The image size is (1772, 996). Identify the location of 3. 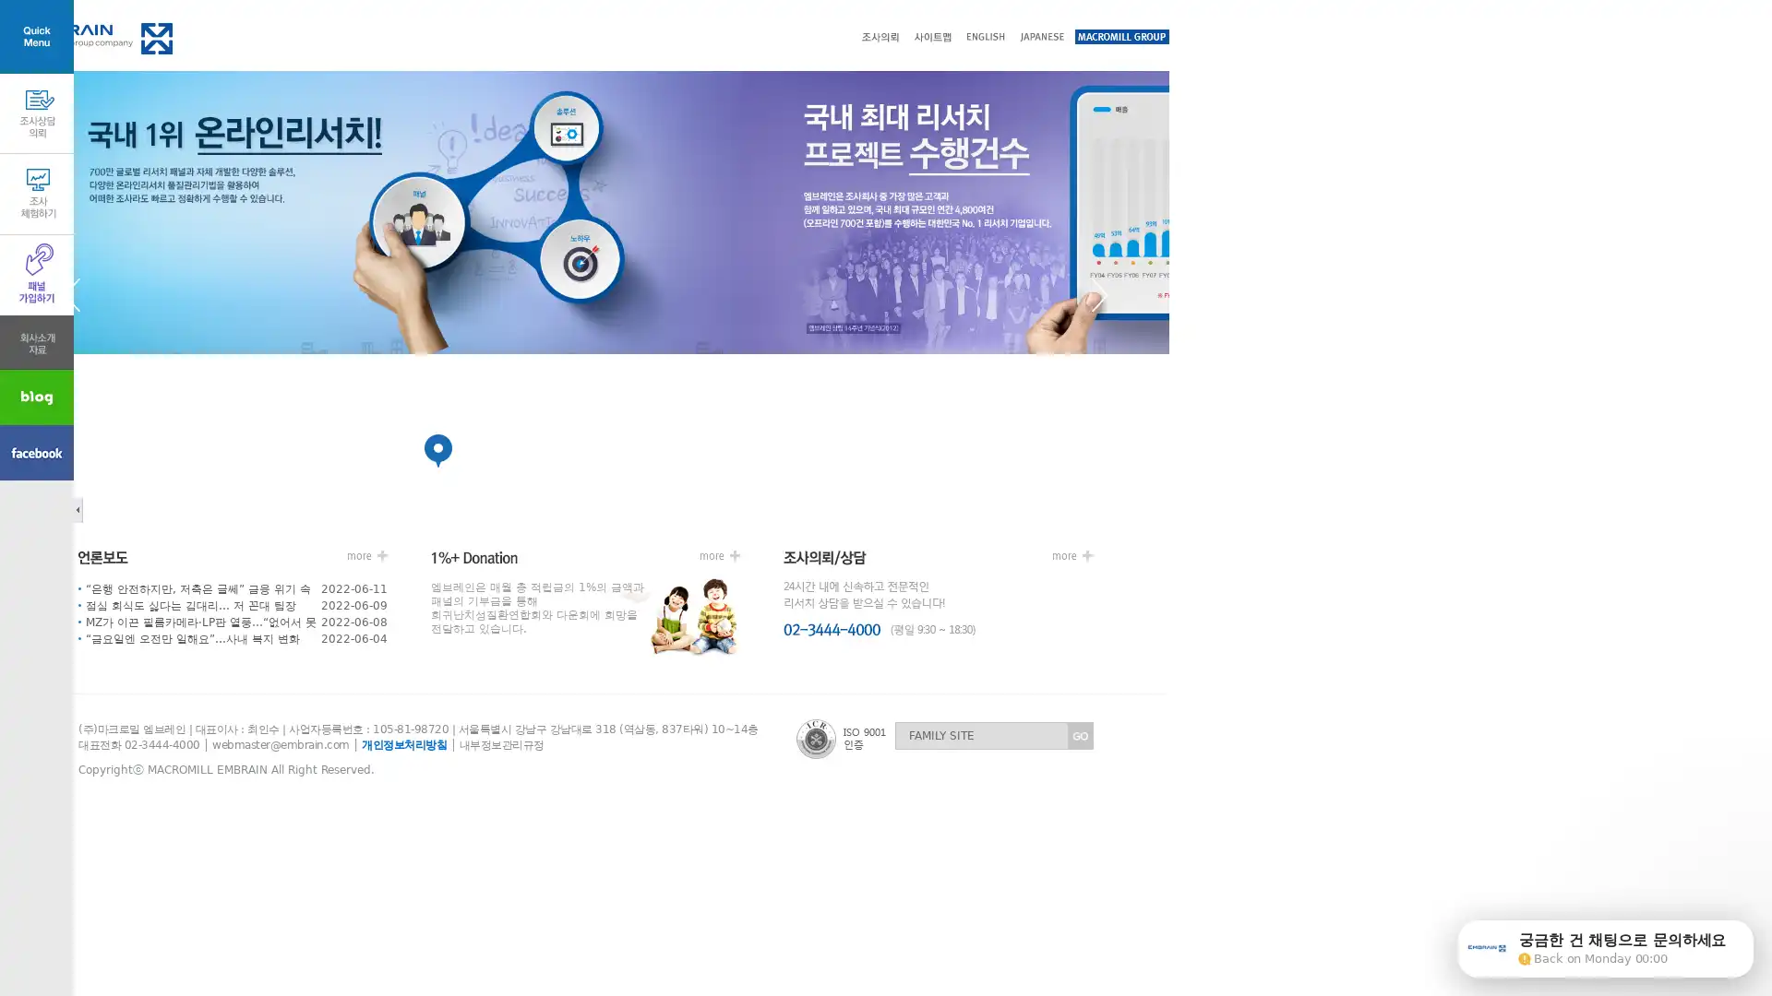
(805, 451).